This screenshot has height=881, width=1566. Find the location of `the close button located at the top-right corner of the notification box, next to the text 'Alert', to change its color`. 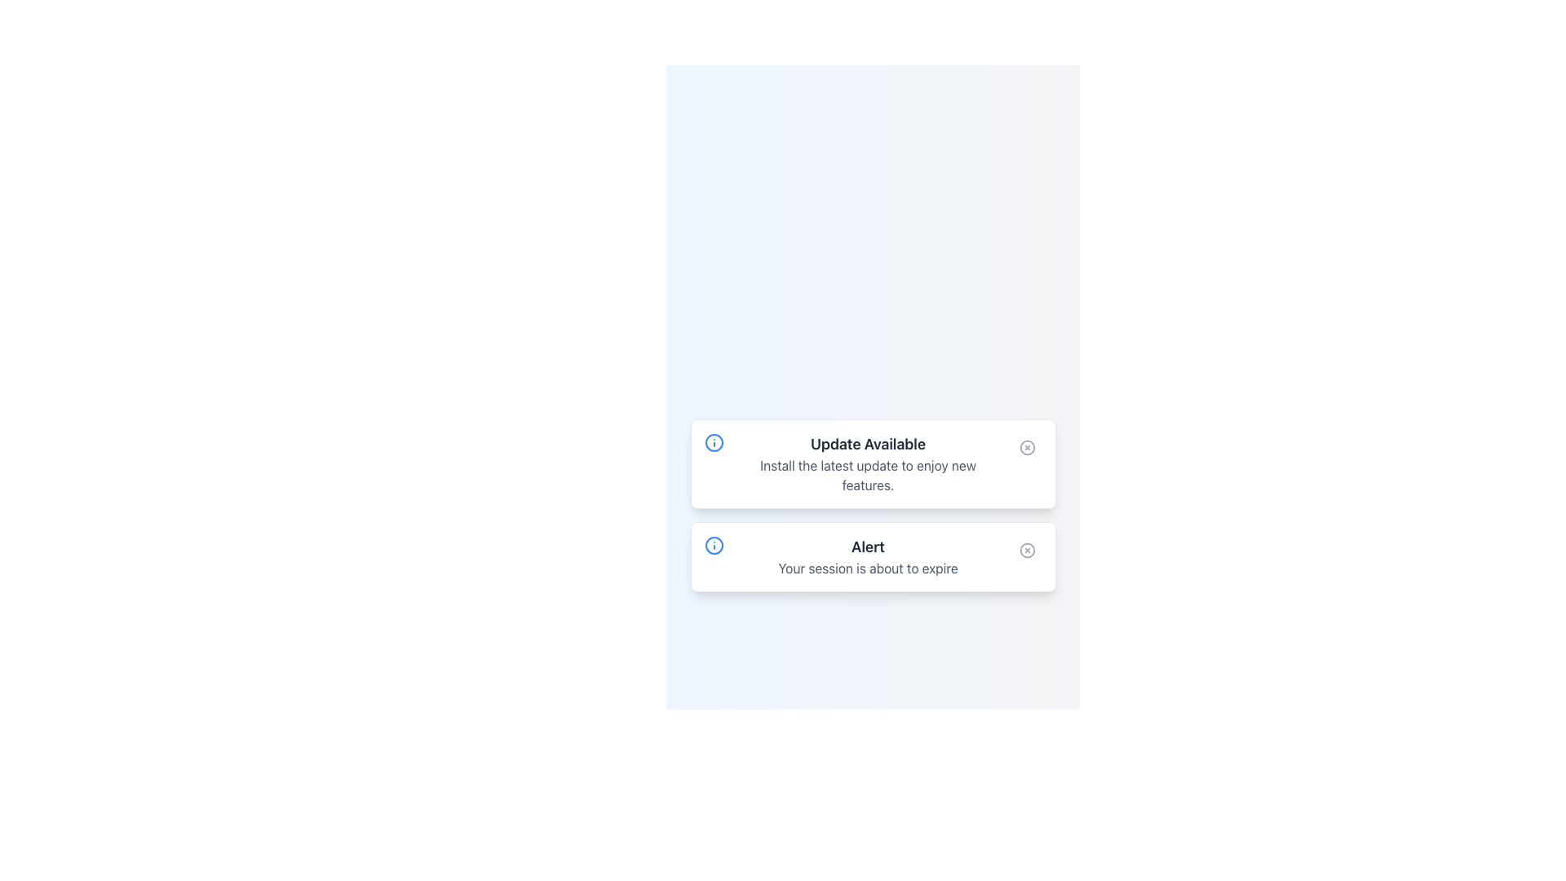

the close button located at the top-right corner of the notification box, next to the text 'Alert', to change its color is located at coordinates (1026, 551).